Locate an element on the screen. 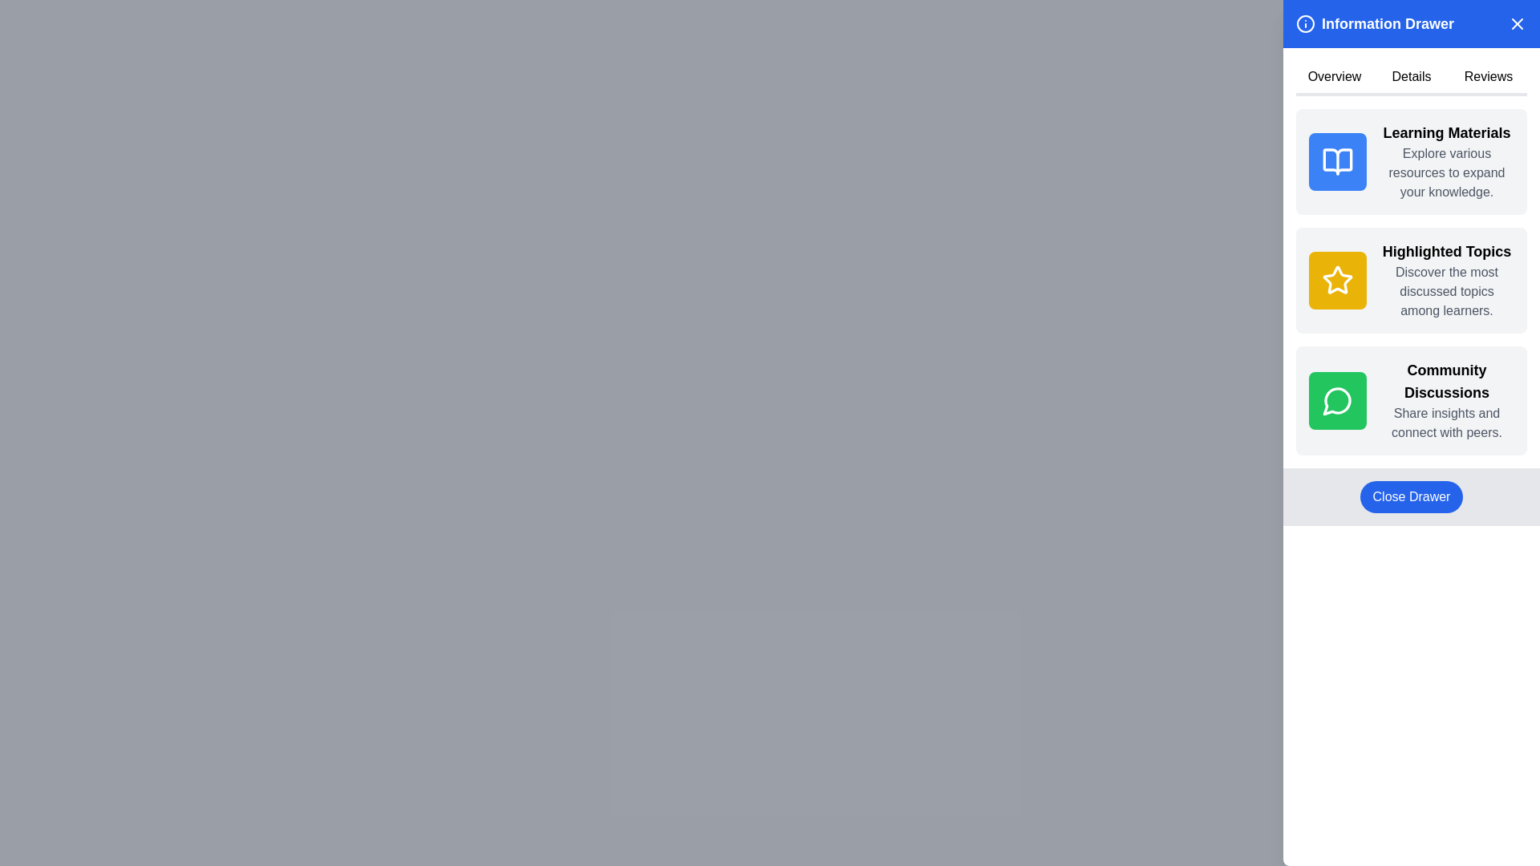 The width and height of the screenshot is (1540, 866). the static text header element labeled 'Community Discussions', which is styled in bold and located within the right panel under 'Highlighted Topics' is located at coordinates (1447, 381).